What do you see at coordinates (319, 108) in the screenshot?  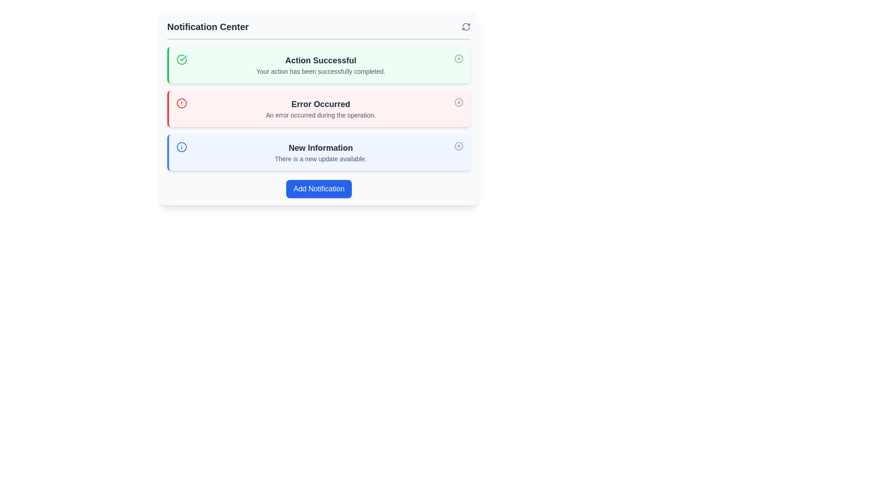 I see `the individual notifications in the notification section` at bounding box center [319, 108].